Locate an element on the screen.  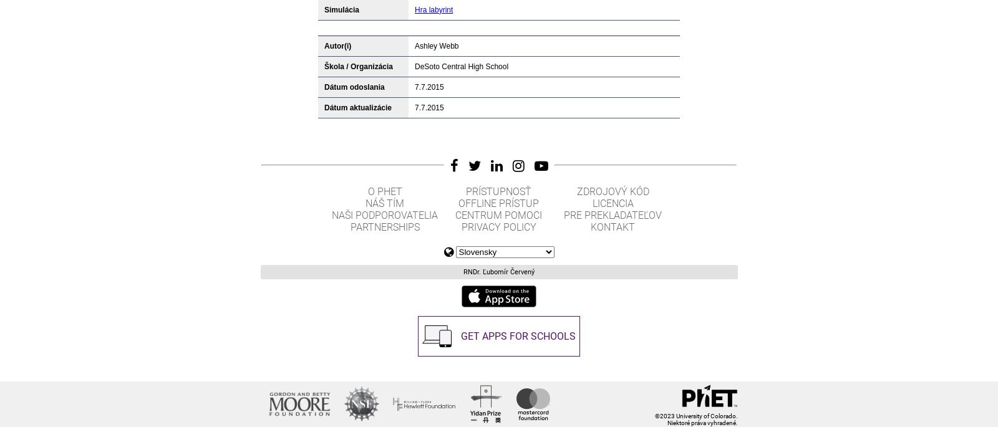
'Náš tím' is located at coordinates (384, 202).